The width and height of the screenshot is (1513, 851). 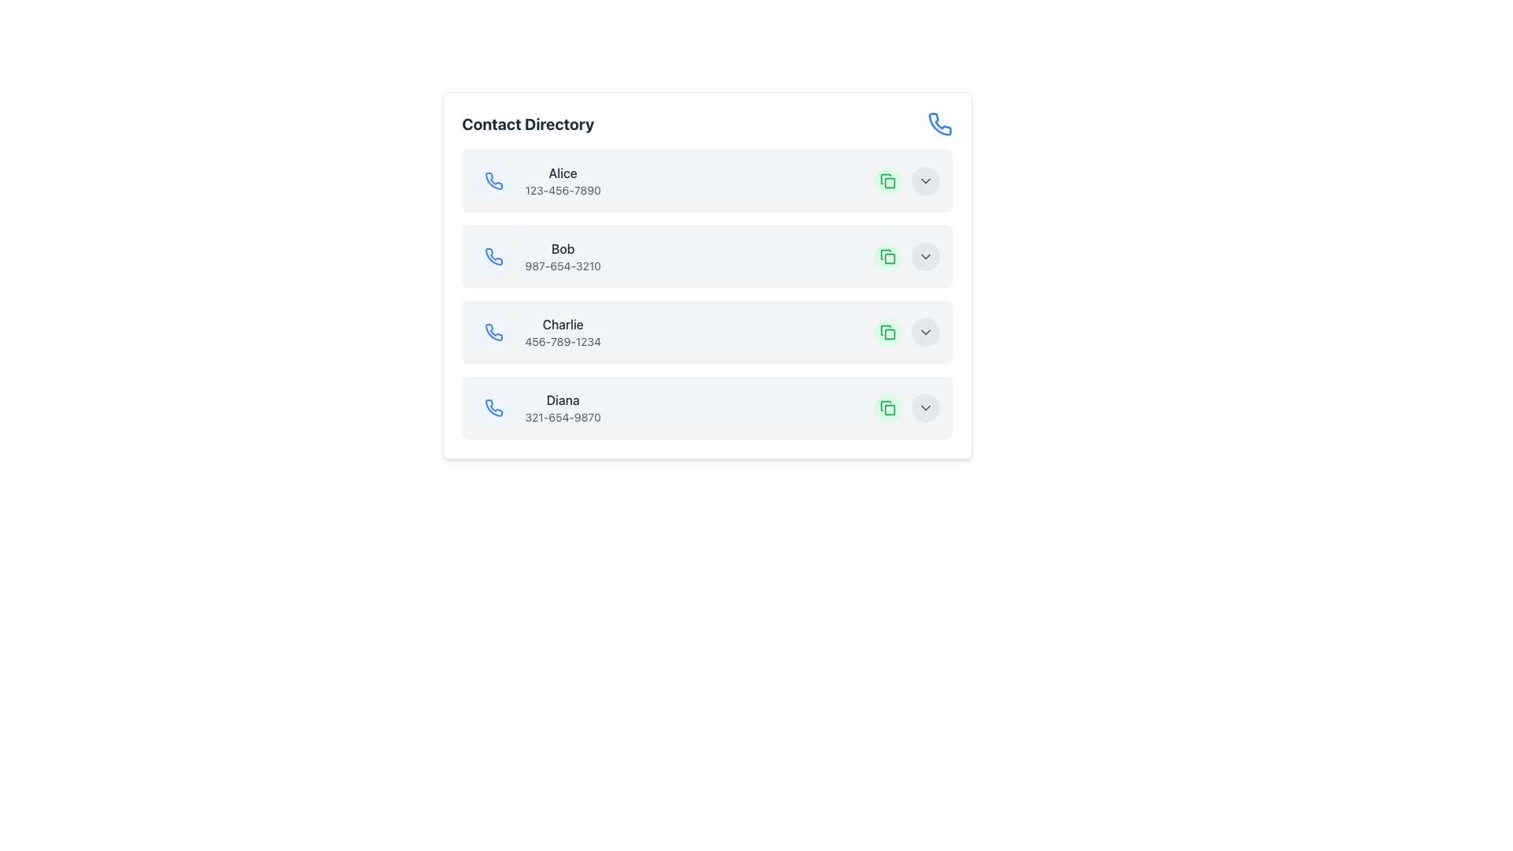 I want to click on the phone number text label ('987-654-3210') displayed in gray font, located below the name 'Bob' in the second contact entry of the directory, so click(x=563, y=266).